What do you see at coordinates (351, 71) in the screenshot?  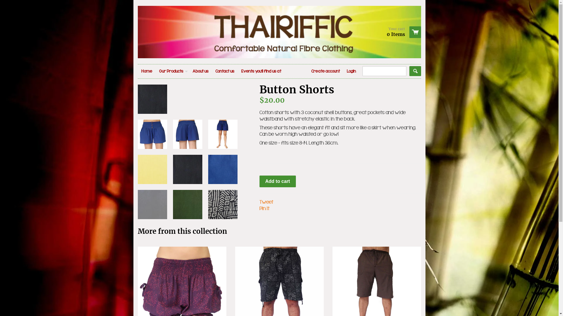 I see `'Login'` at bounding box center [351, 71].